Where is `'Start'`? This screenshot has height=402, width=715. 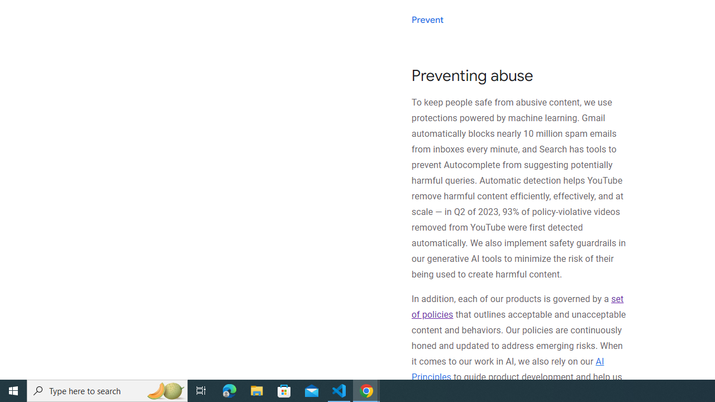 'Start' is located at coordinates (13, 390).